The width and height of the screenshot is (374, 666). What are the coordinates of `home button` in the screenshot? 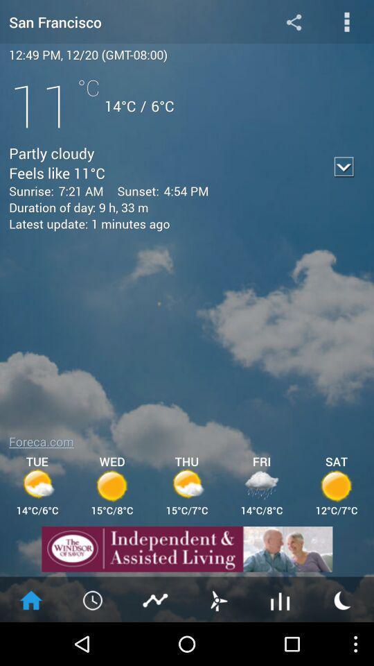 It's located at (30, 599).